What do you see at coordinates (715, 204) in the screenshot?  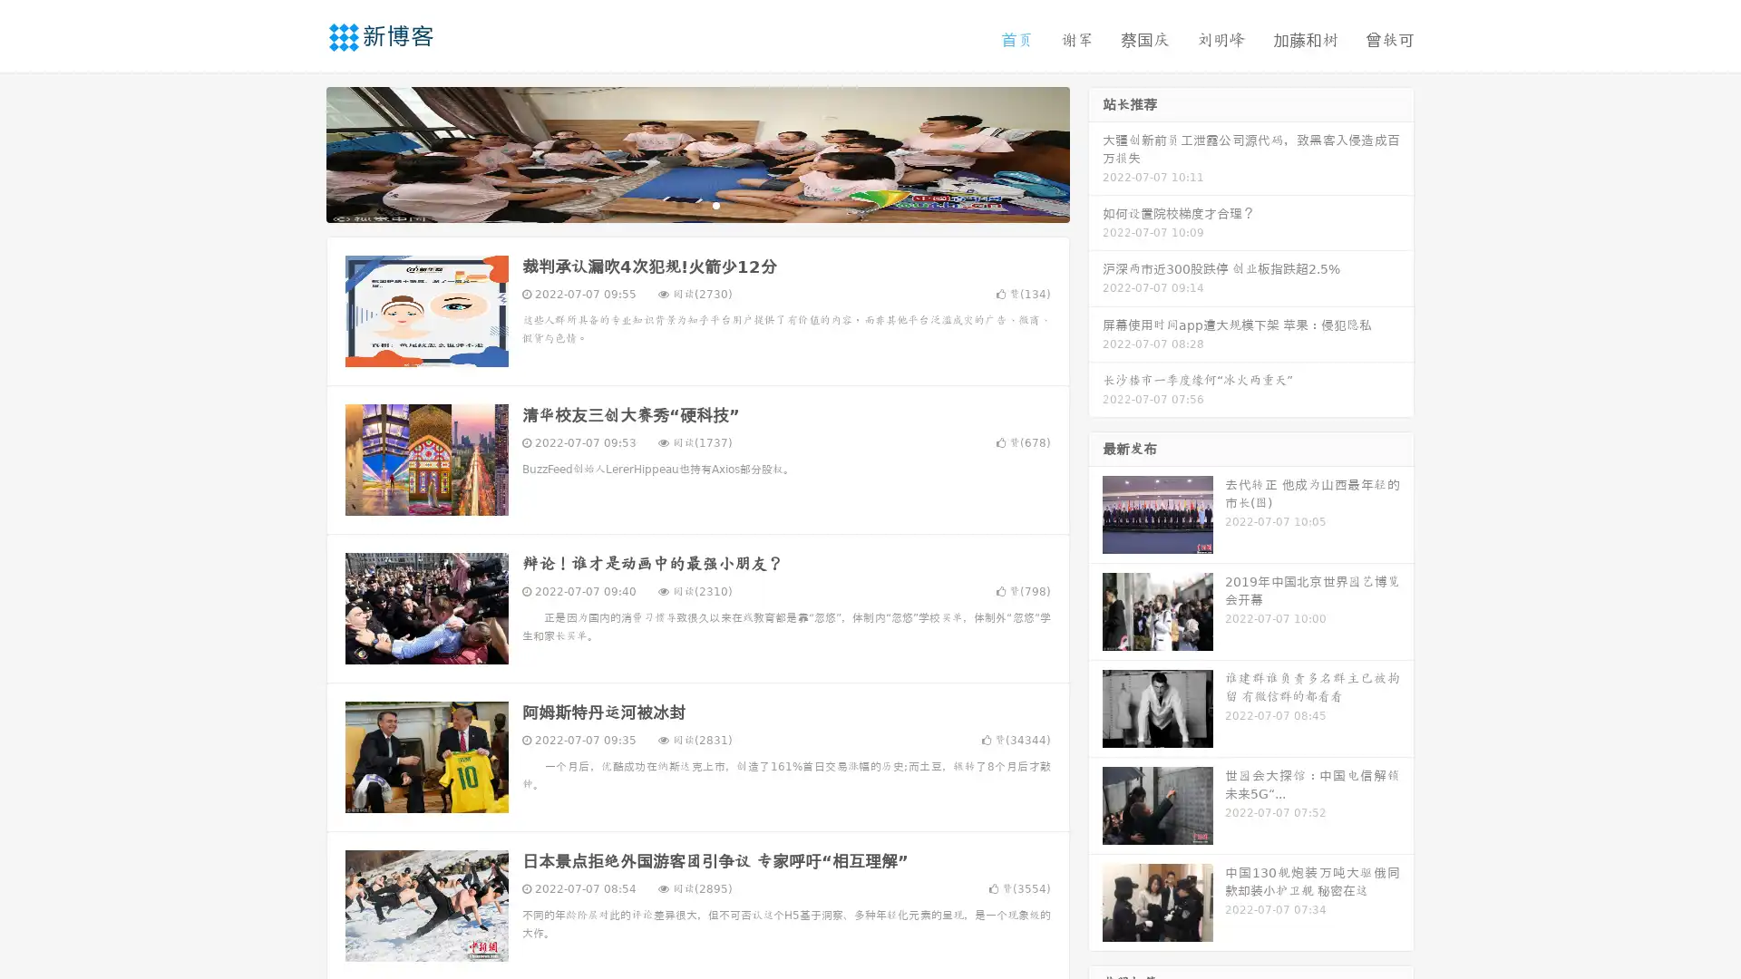 I see `Go to slide 3` at bounding box center [715, 204].